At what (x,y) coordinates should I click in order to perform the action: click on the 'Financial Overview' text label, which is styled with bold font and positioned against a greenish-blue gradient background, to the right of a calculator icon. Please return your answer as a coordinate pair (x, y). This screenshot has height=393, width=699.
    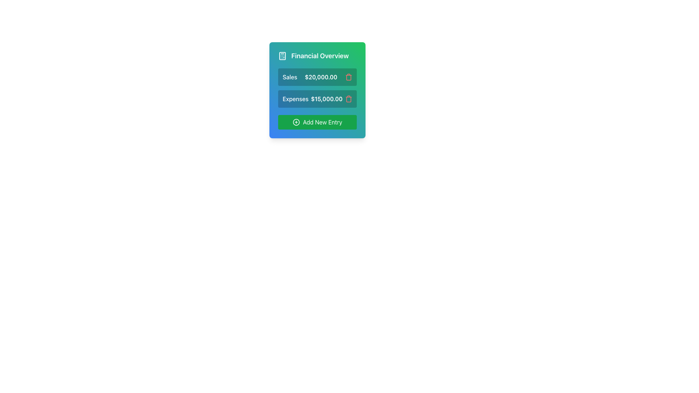
    Looking at the image, I should click on (320, 56).